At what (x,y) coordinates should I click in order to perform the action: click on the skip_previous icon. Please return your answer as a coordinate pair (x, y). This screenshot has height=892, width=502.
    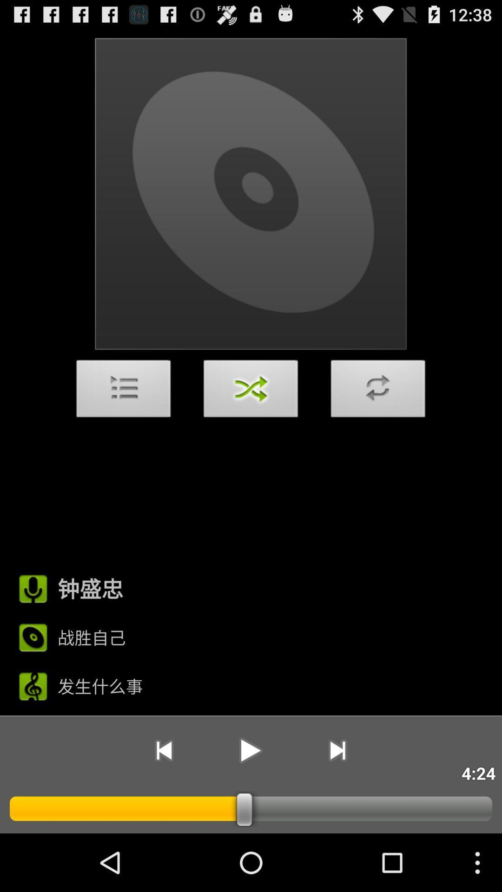
    Looking at the image, I should click on (163, 802).